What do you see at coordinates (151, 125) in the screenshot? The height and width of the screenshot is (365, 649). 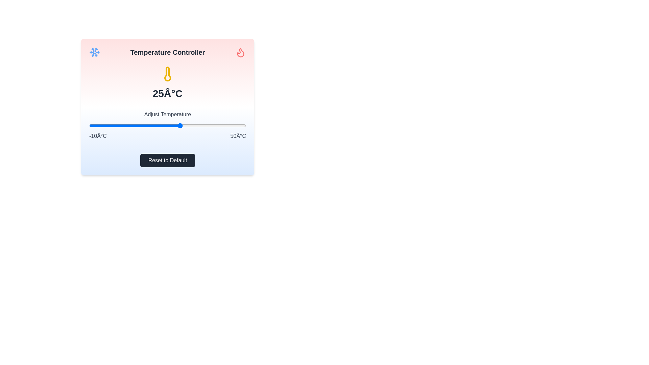 I see `the temperature slider to set the temperature to 14°C` at bounding box center [151, 125].